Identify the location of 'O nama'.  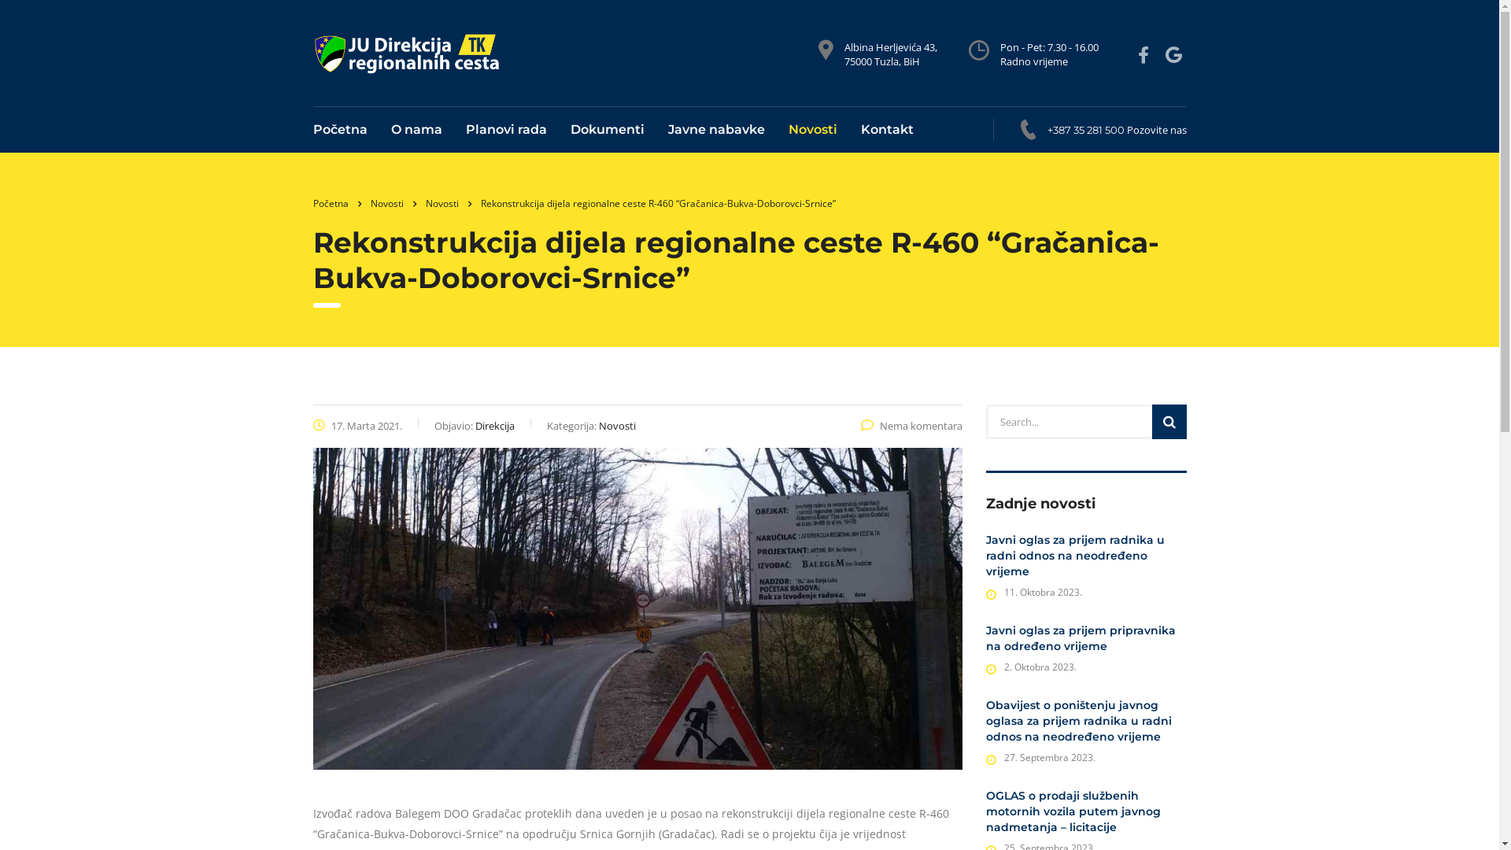
(416, 129).